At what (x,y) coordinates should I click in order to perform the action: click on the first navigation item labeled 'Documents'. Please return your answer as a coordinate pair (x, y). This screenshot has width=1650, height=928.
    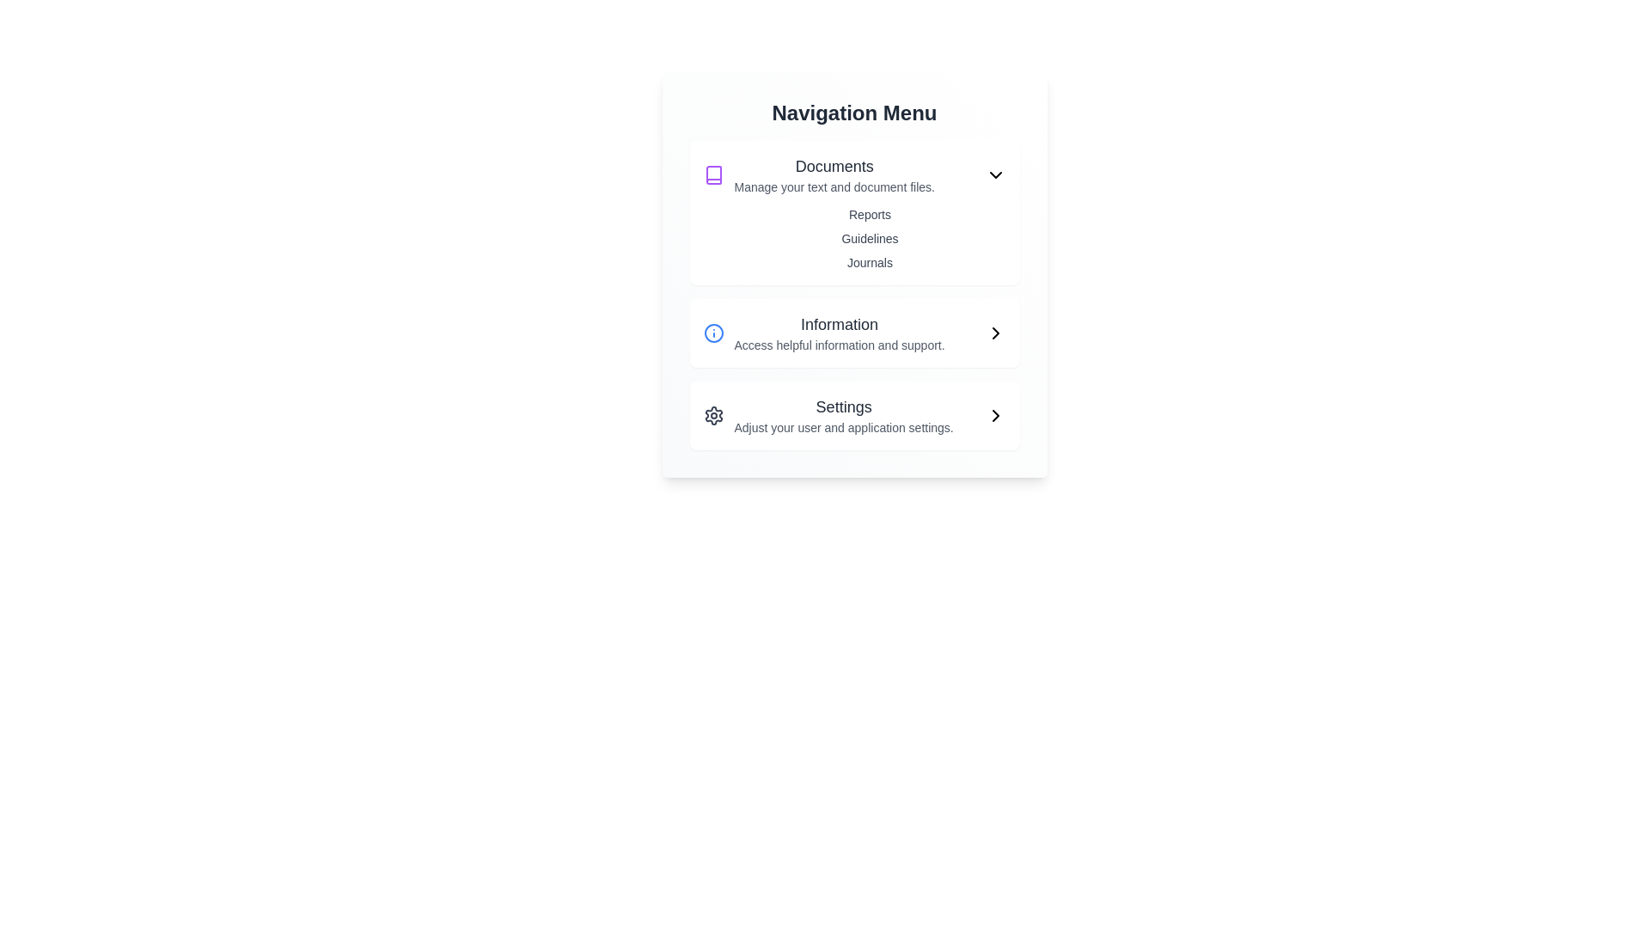
    Looking at the image, I should click on (818, 175).